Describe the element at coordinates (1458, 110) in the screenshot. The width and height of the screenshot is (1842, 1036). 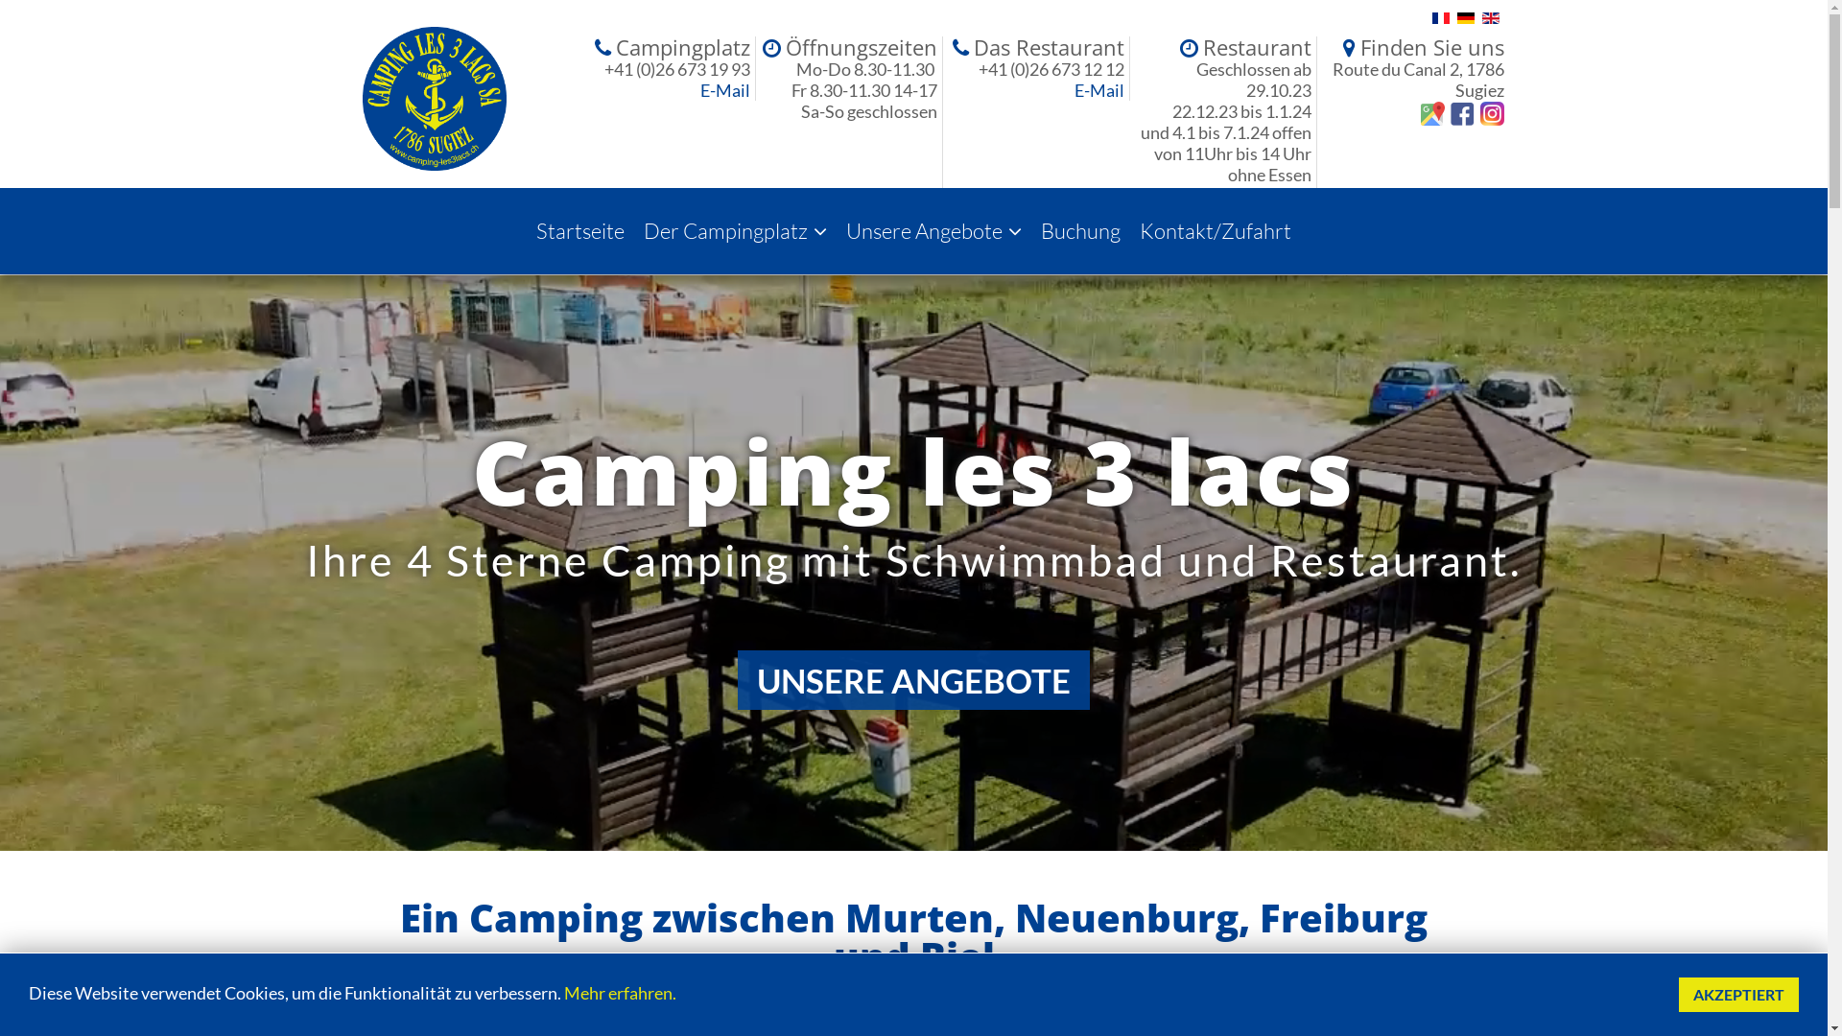
I see `'  '` at that location.